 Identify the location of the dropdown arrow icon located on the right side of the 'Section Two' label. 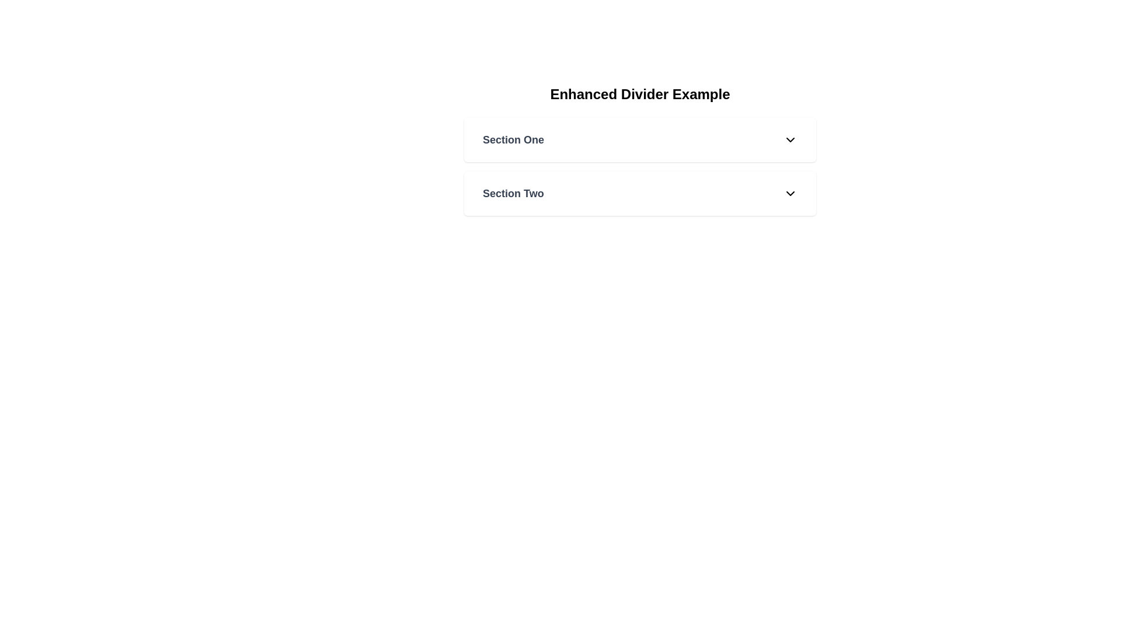
(790, 192).